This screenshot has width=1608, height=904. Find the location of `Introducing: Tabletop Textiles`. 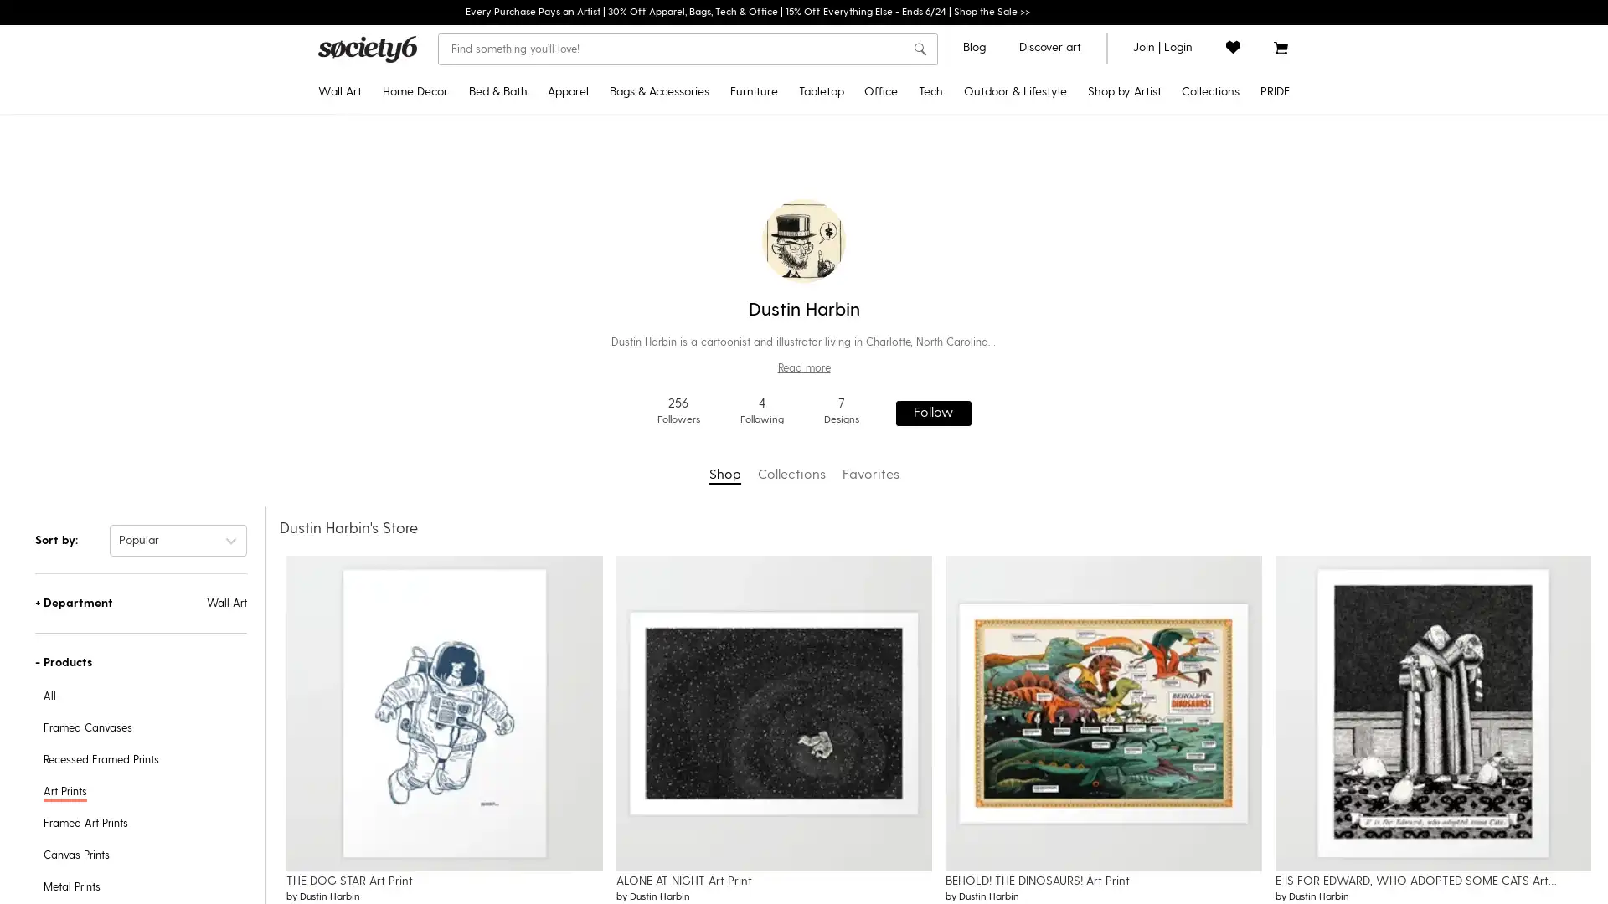

Introducing: Tabletop Textiles is located at coordinates (1148, 458).